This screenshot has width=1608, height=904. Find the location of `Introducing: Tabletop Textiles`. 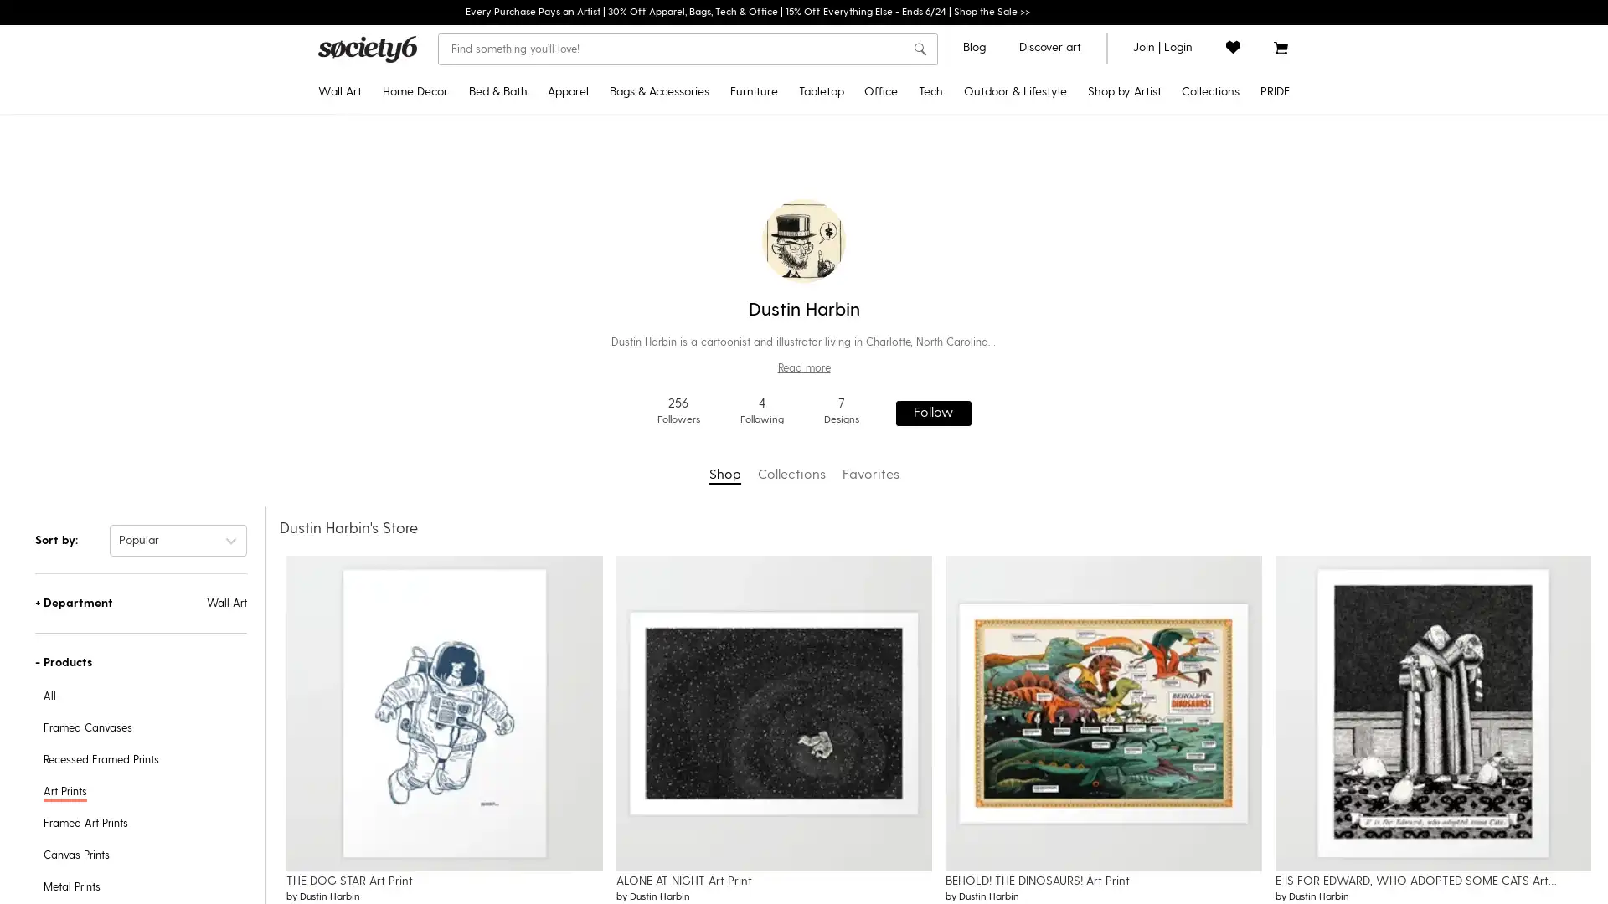

Introducing: Tabletop Textiles is located at coordinates (1148, 458).